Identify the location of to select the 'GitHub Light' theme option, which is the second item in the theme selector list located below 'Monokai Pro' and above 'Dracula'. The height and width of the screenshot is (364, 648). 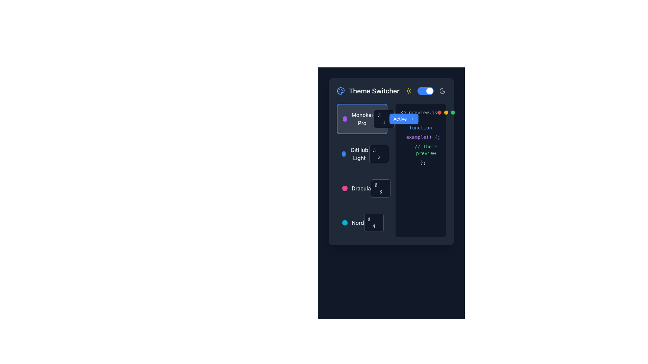
(361, 154).